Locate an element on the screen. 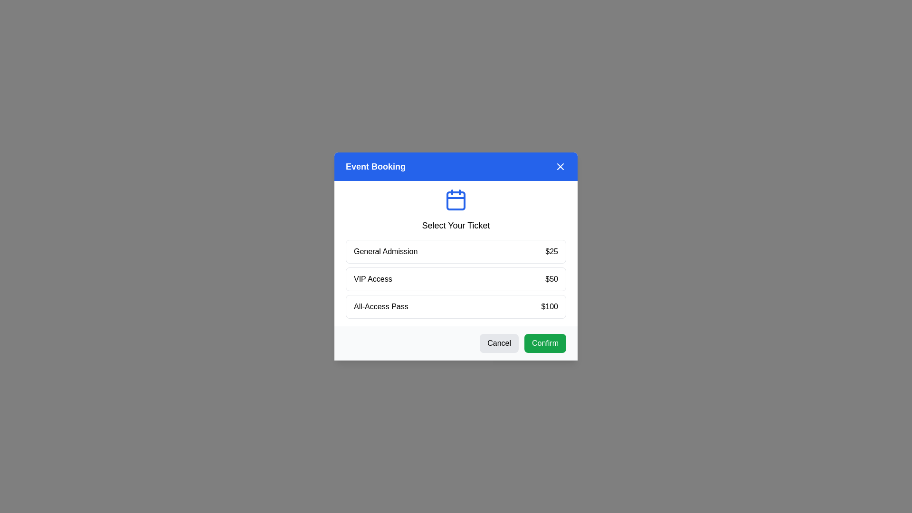 The width and height of the screenshot is (912, 513). the selectable list item labeled 'VIP Access' is located at coordinates (456, 278).